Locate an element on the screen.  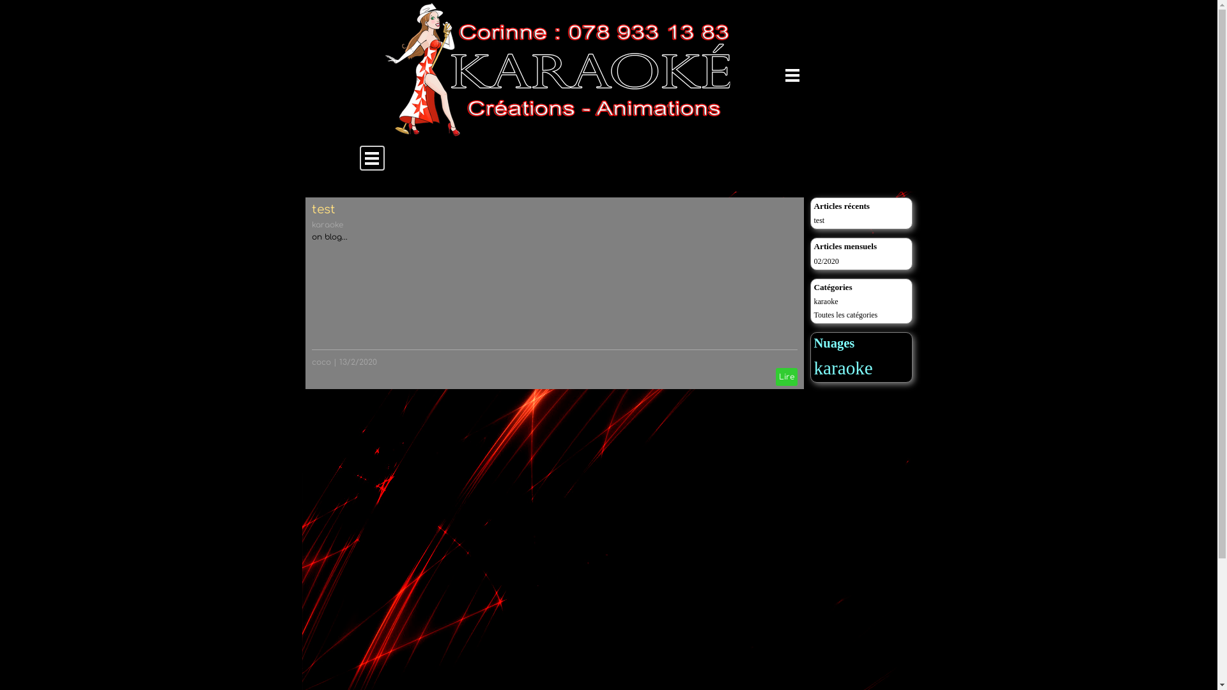
'Lire' is located at coordinates (785, 376).